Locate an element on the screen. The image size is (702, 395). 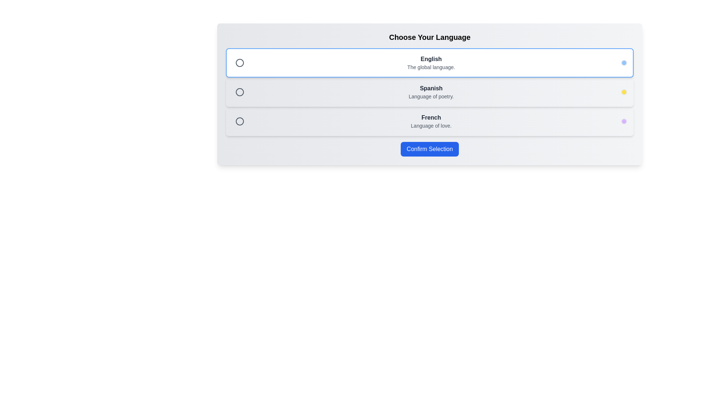
the first selectable option for the English language in the 'Choose Your Language' section is located at coordinates (430, 63).